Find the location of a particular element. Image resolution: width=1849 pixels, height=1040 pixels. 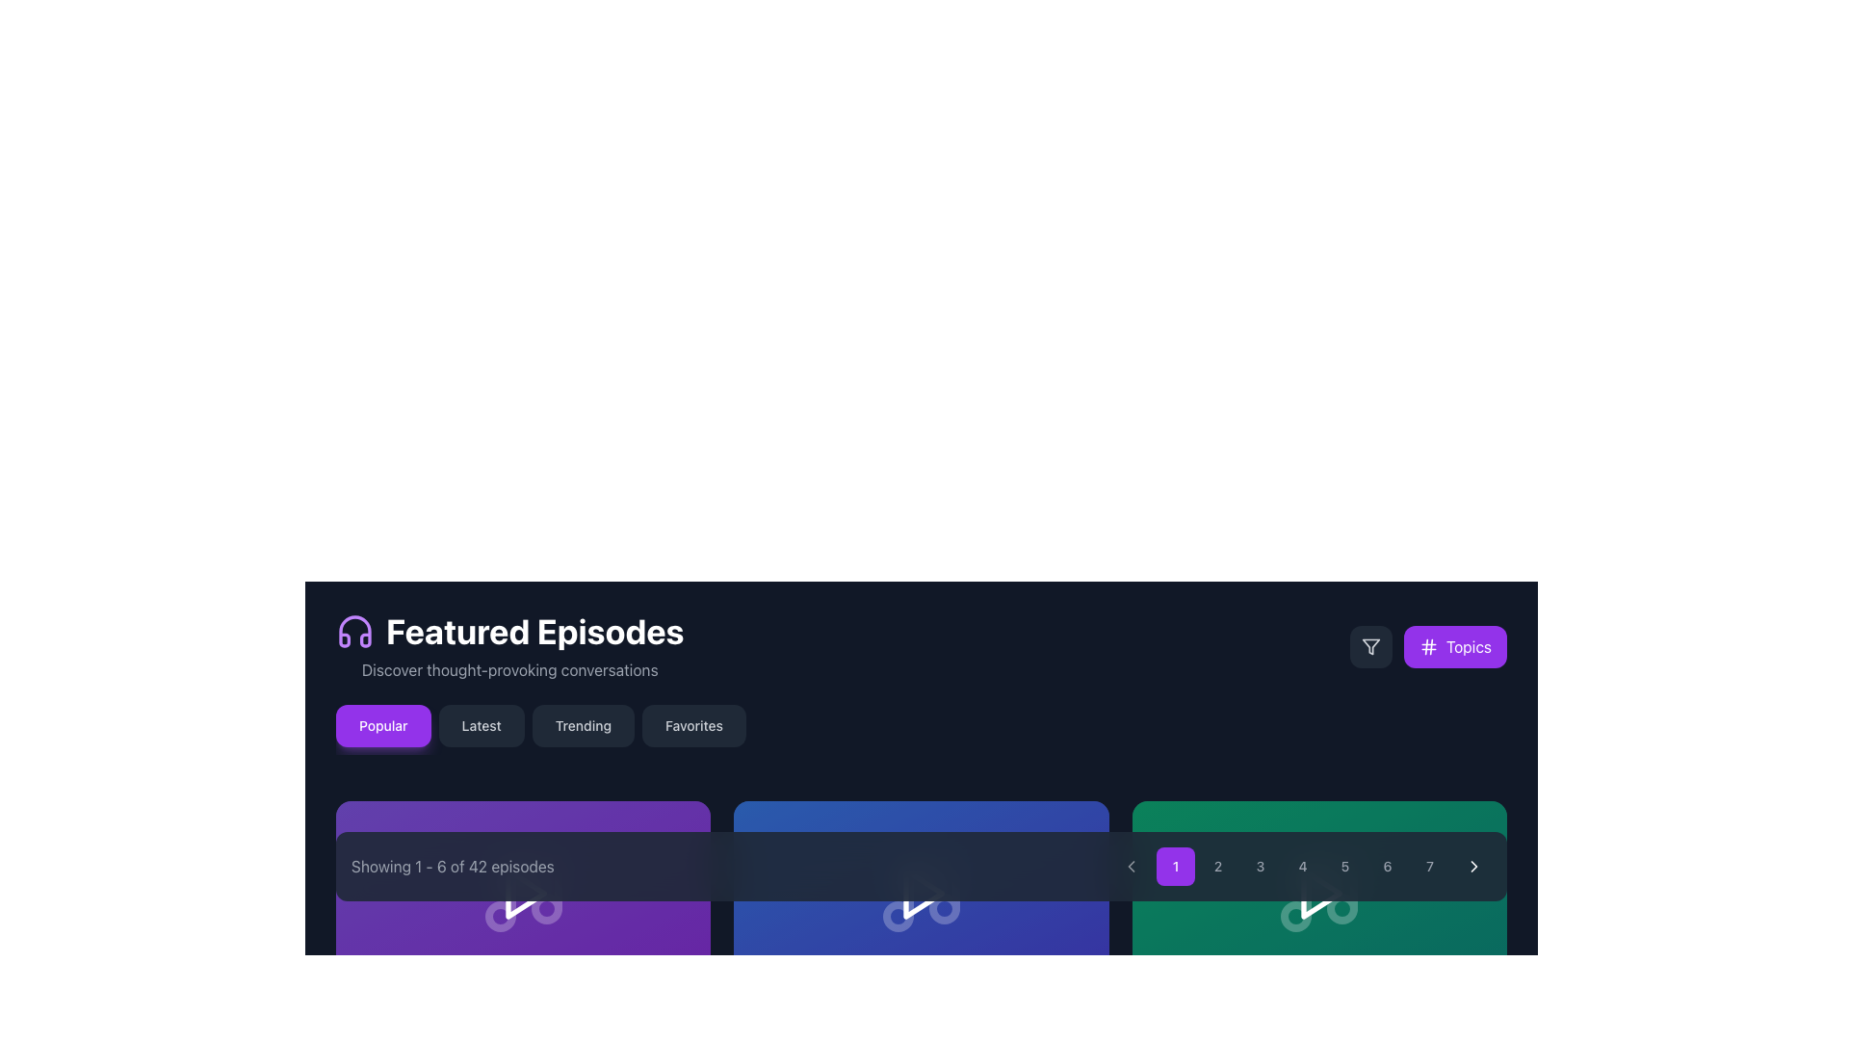

the audio-related icon located to the left of the 'Featured Episodes' title is located at coordinates (355, 631).